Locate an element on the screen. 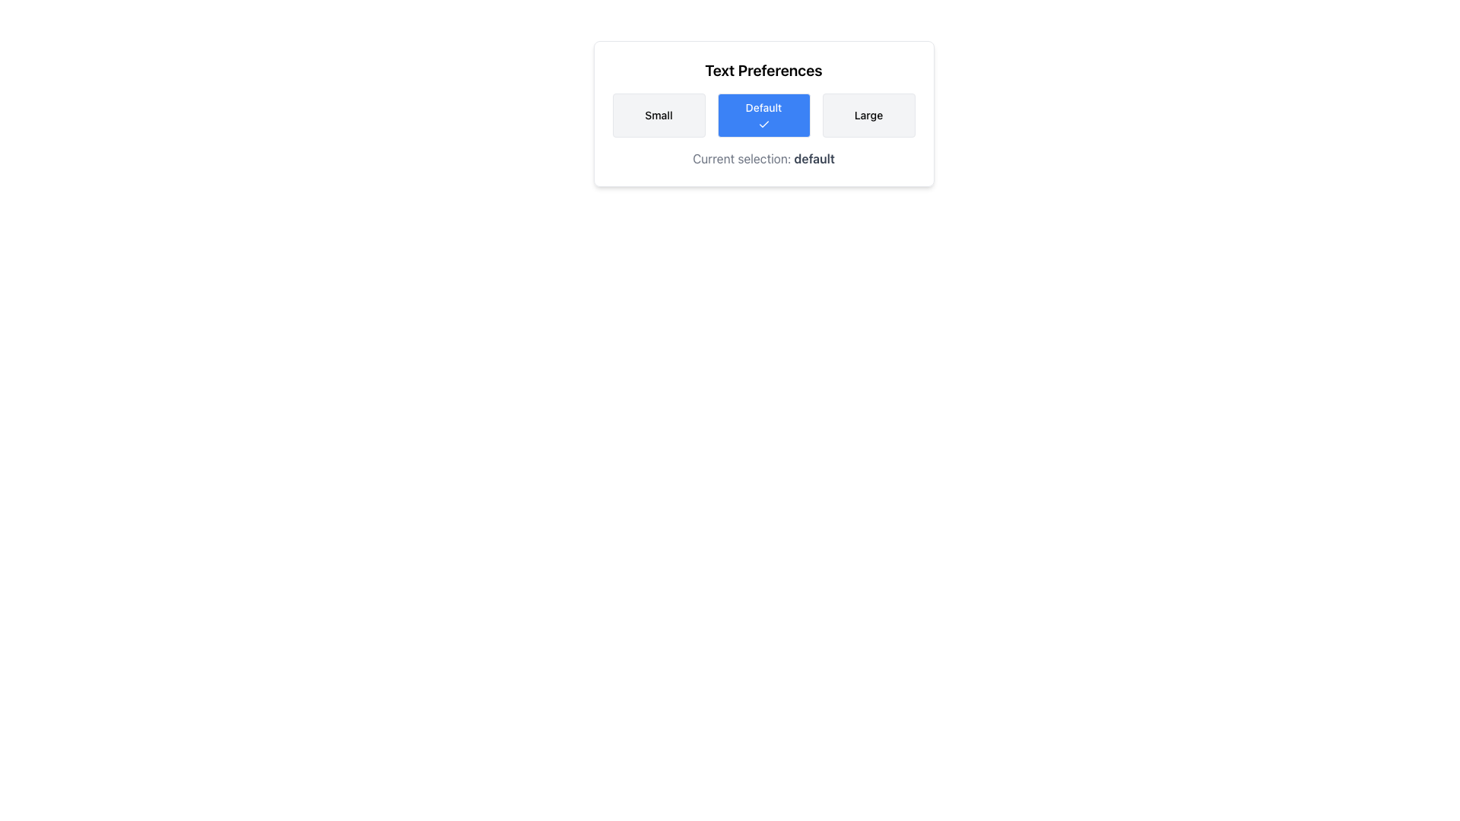  the 'Small' text label within the light gray rounded rectangular button, which is part of the 'Text Preferences' section is located at coordinates (659, 114).